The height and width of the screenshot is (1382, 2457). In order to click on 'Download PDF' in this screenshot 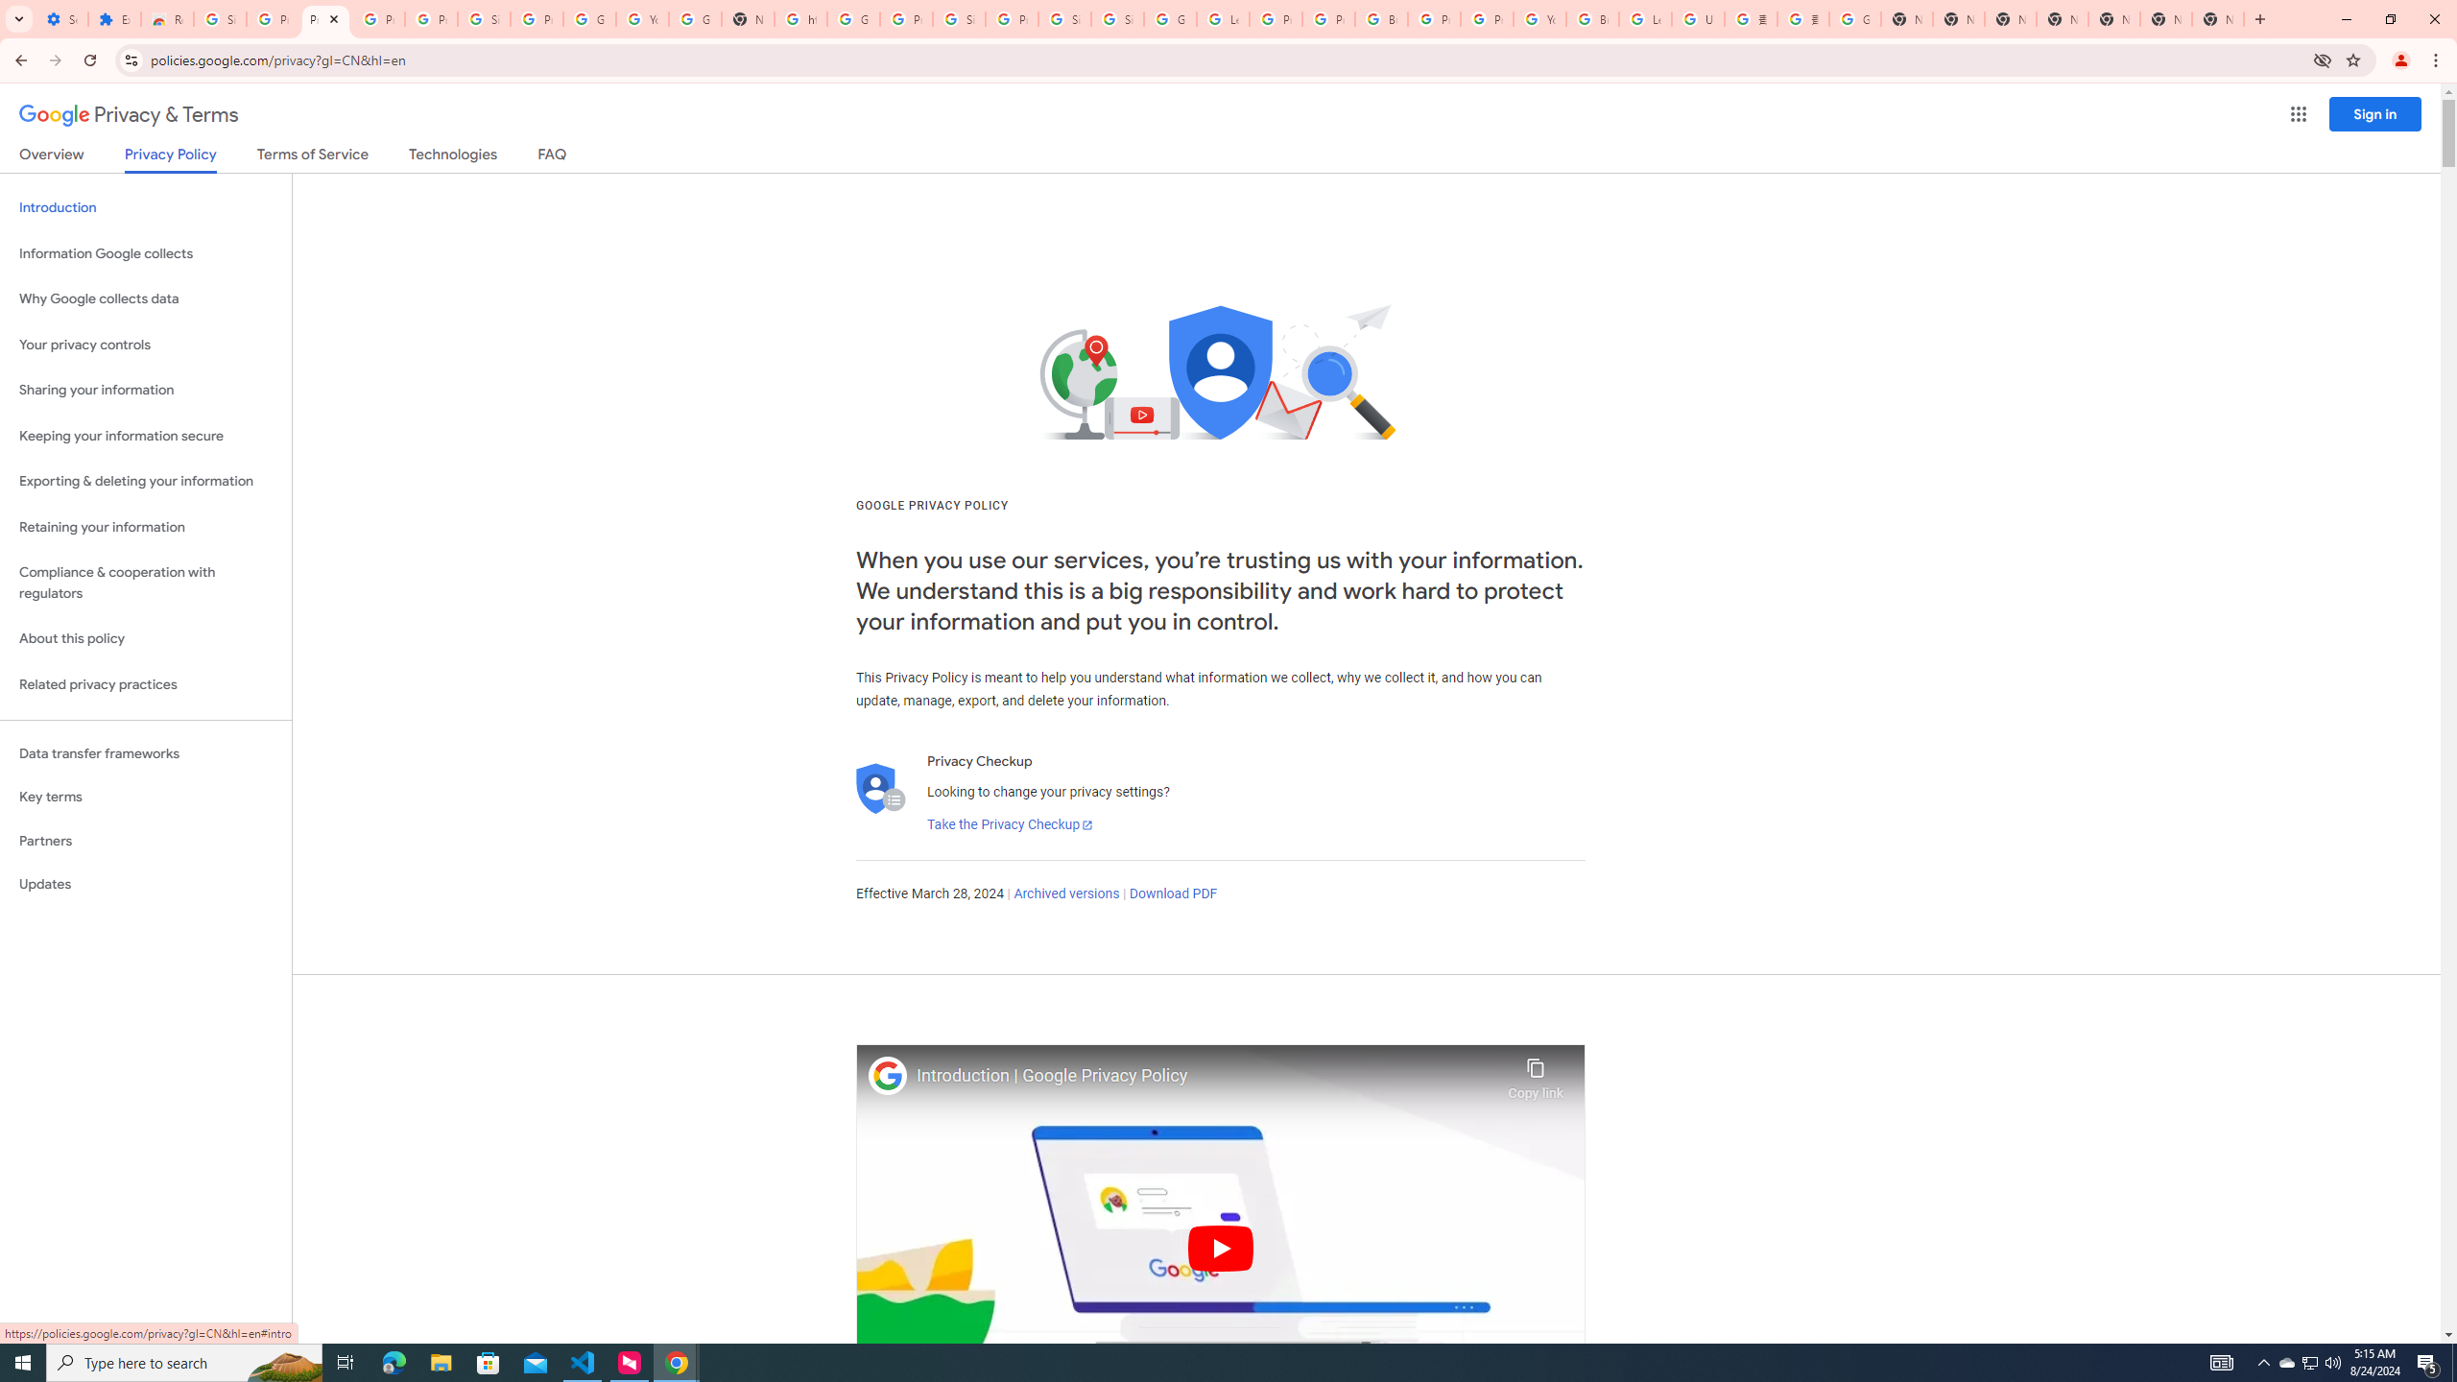, I will do `click(1173, 893)`.